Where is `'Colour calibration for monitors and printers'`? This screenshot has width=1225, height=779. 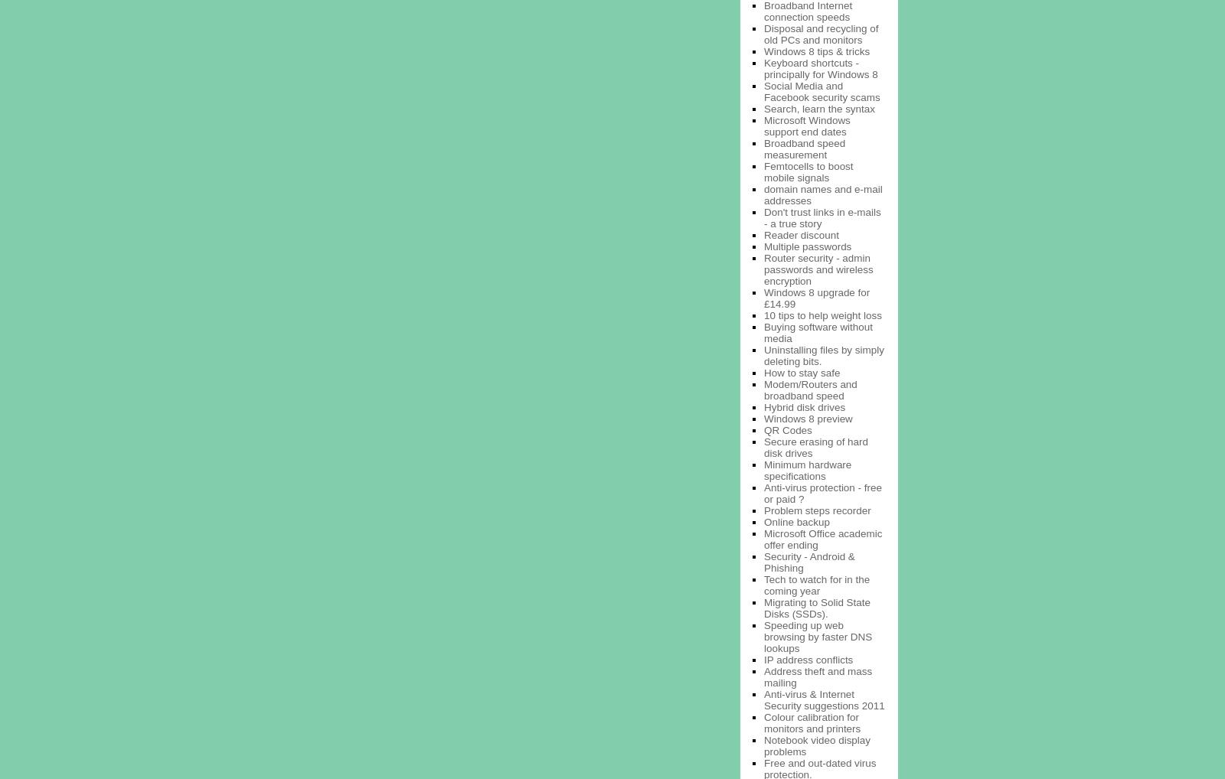
'Colour calibration for monitors and printers' is located at coordinates (812, 721).